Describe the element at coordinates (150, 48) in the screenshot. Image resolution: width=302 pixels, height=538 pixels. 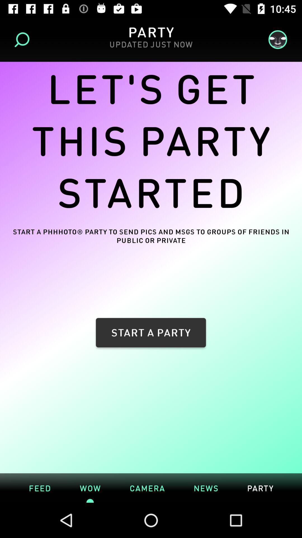
I see `the item above let s get icon` at that location.